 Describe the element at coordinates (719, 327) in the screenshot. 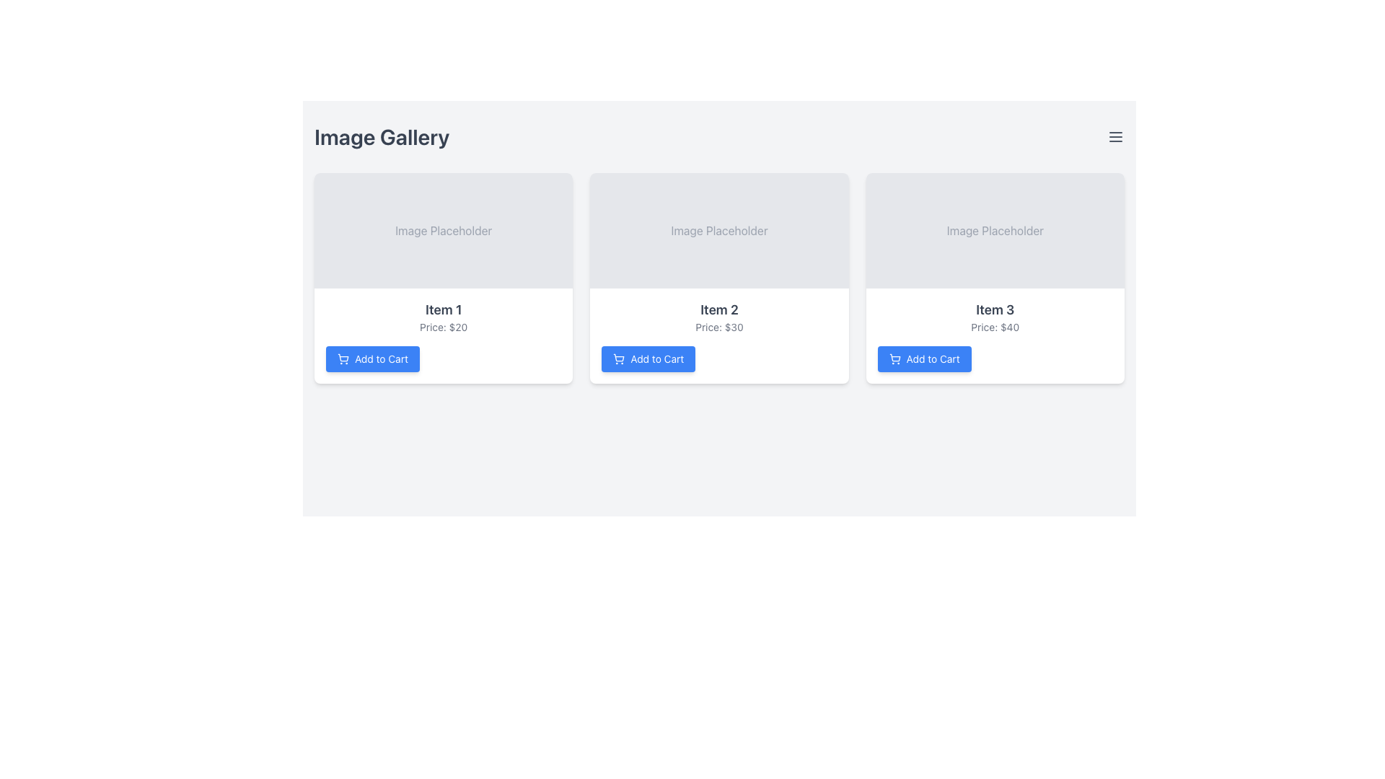

I see `the Text Label displaying 'Price: $30', which is located in the card for 'Item 2', positioned below the title and above the 'Add to Cart' button` at that location.